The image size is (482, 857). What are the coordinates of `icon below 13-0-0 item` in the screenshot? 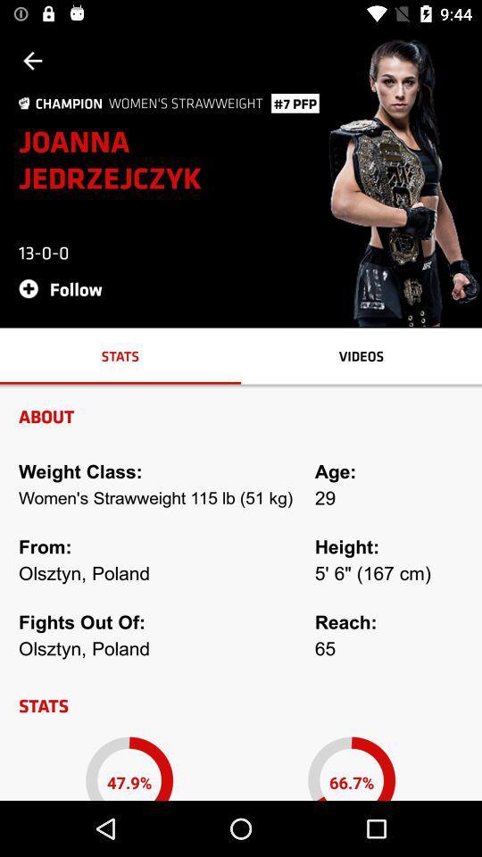 It's located at (65, 288).